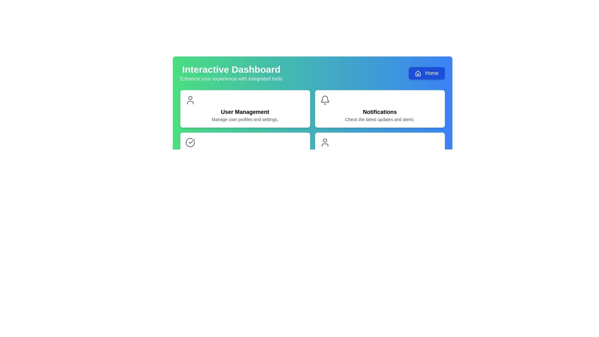  Describe the element at coordinates (245, 119) in the screenshot. I see `the text label that provides a brief description of the 'User Management' feature, which is positioned directly below the element with the text 'User Management'` at that location.